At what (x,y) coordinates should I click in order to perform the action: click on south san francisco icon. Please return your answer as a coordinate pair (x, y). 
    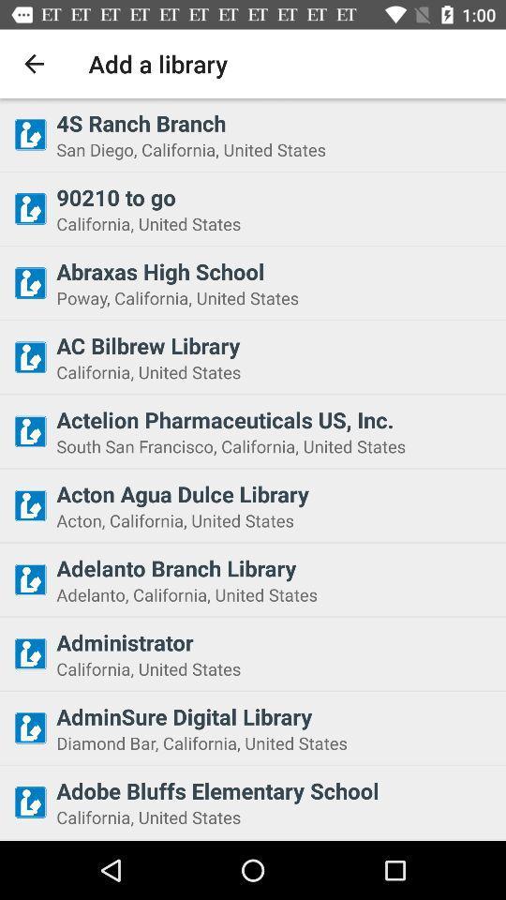
    Looking at the image, I should click on (275, 446).